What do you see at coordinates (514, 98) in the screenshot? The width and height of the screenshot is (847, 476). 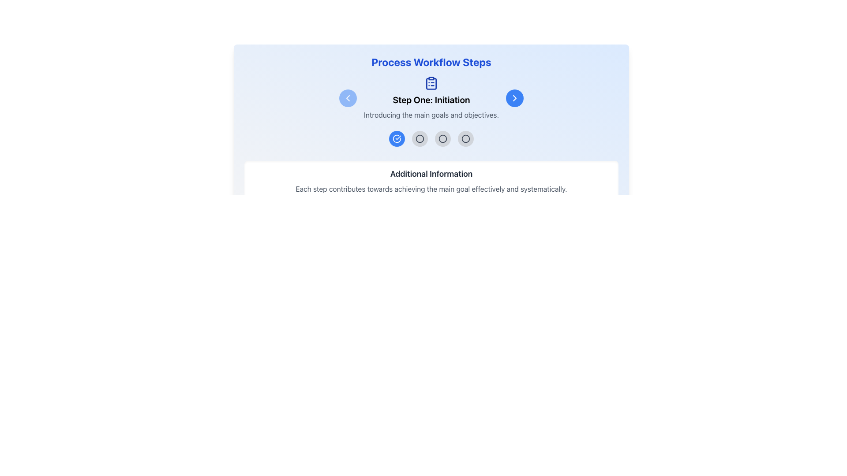 I see `the chevron icon embedded within the circular blue button located in the right-central region of the 'Process Workflow Steps' section` at bounding box center [514, 98].